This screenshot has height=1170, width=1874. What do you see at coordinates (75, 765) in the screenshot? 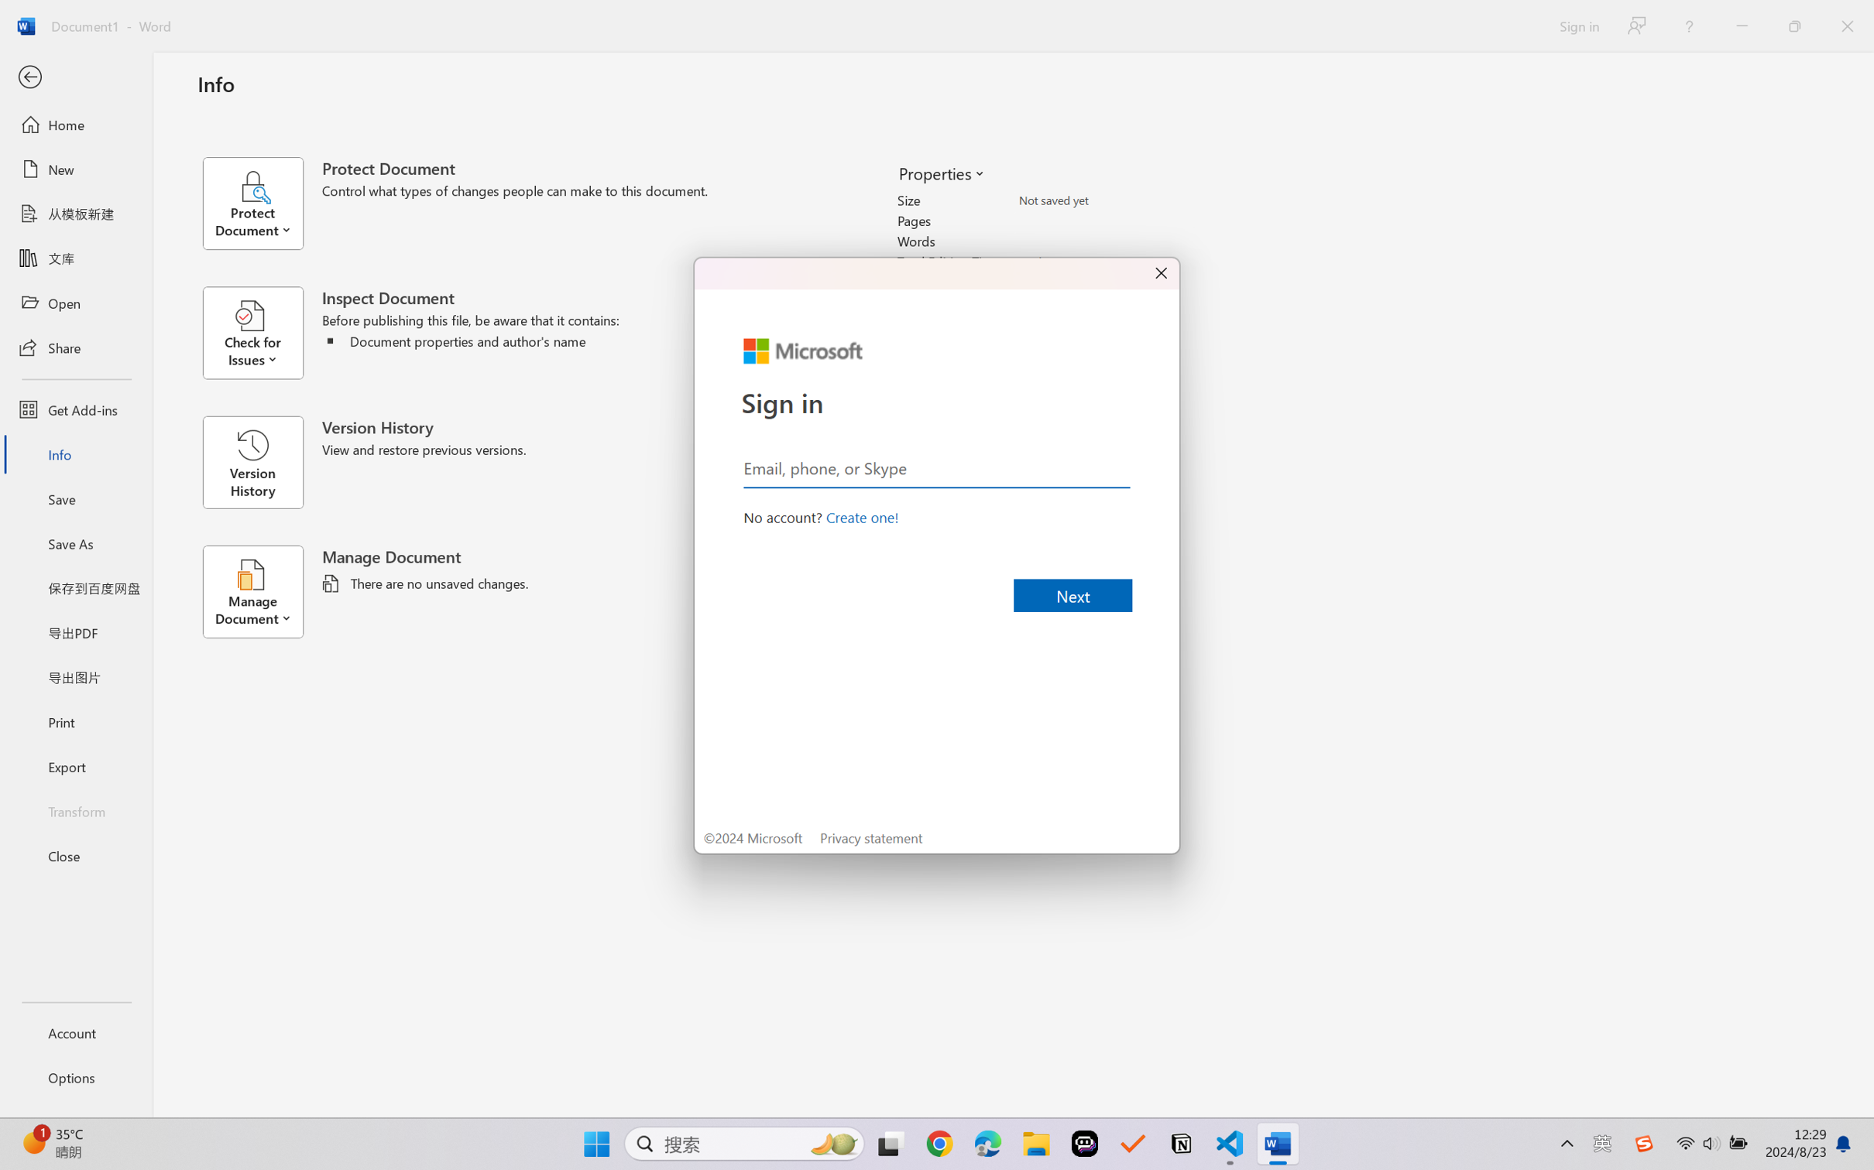
I see `'Export'` at bounding box center [75, 765].